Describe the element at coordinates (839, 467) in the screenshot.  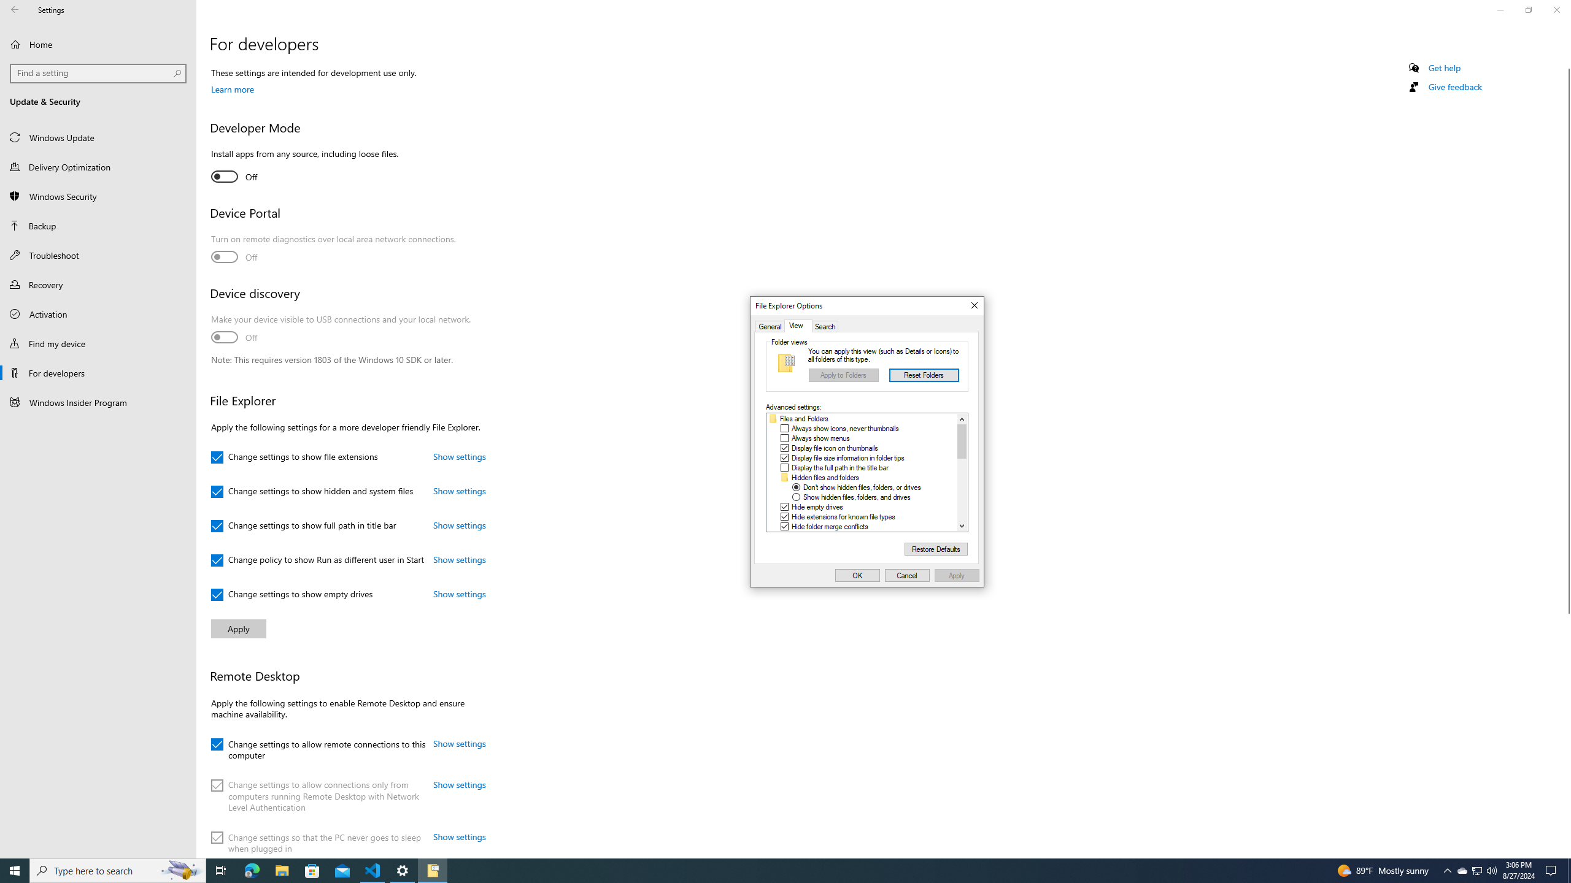
I see `'Display the full path in the title bar'` at that location.